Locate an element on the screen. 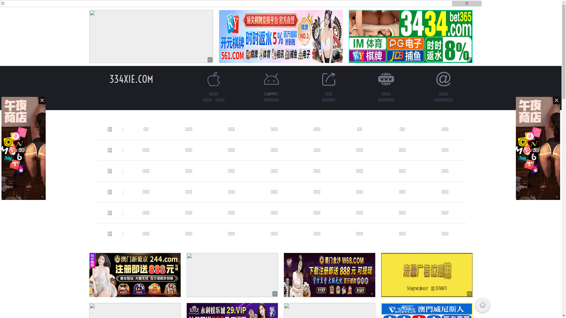 The image size is (566, 318). '334XIE.COM' is located at coordinates (131, 79).